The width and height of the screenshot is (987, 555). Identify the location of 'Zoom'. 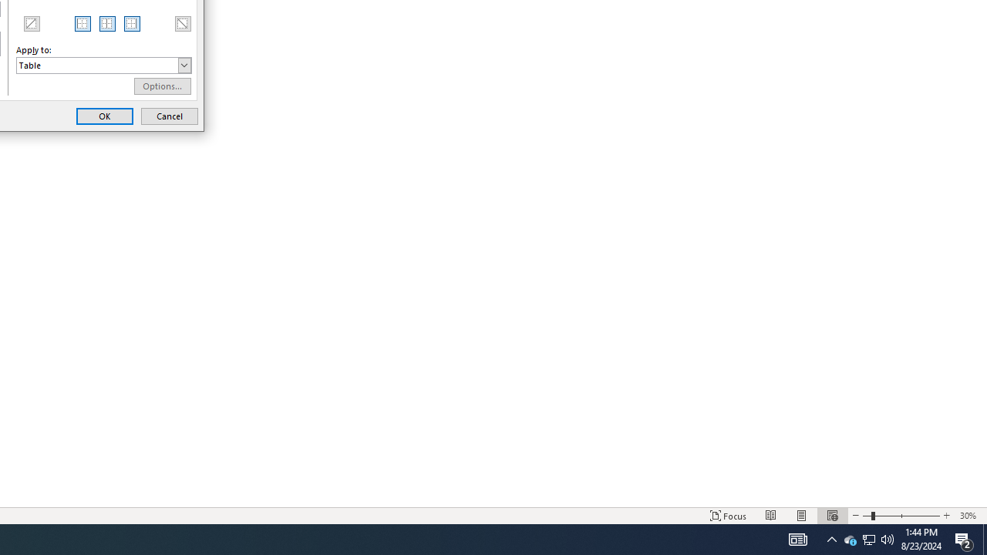
(901, 516).